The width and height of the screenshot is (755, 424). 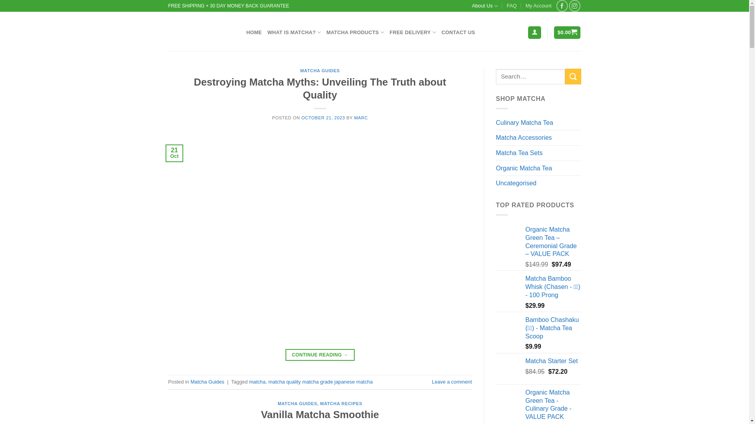 I want to click on 'OCTOBER 21, 2023', so click(x=323, y=118).